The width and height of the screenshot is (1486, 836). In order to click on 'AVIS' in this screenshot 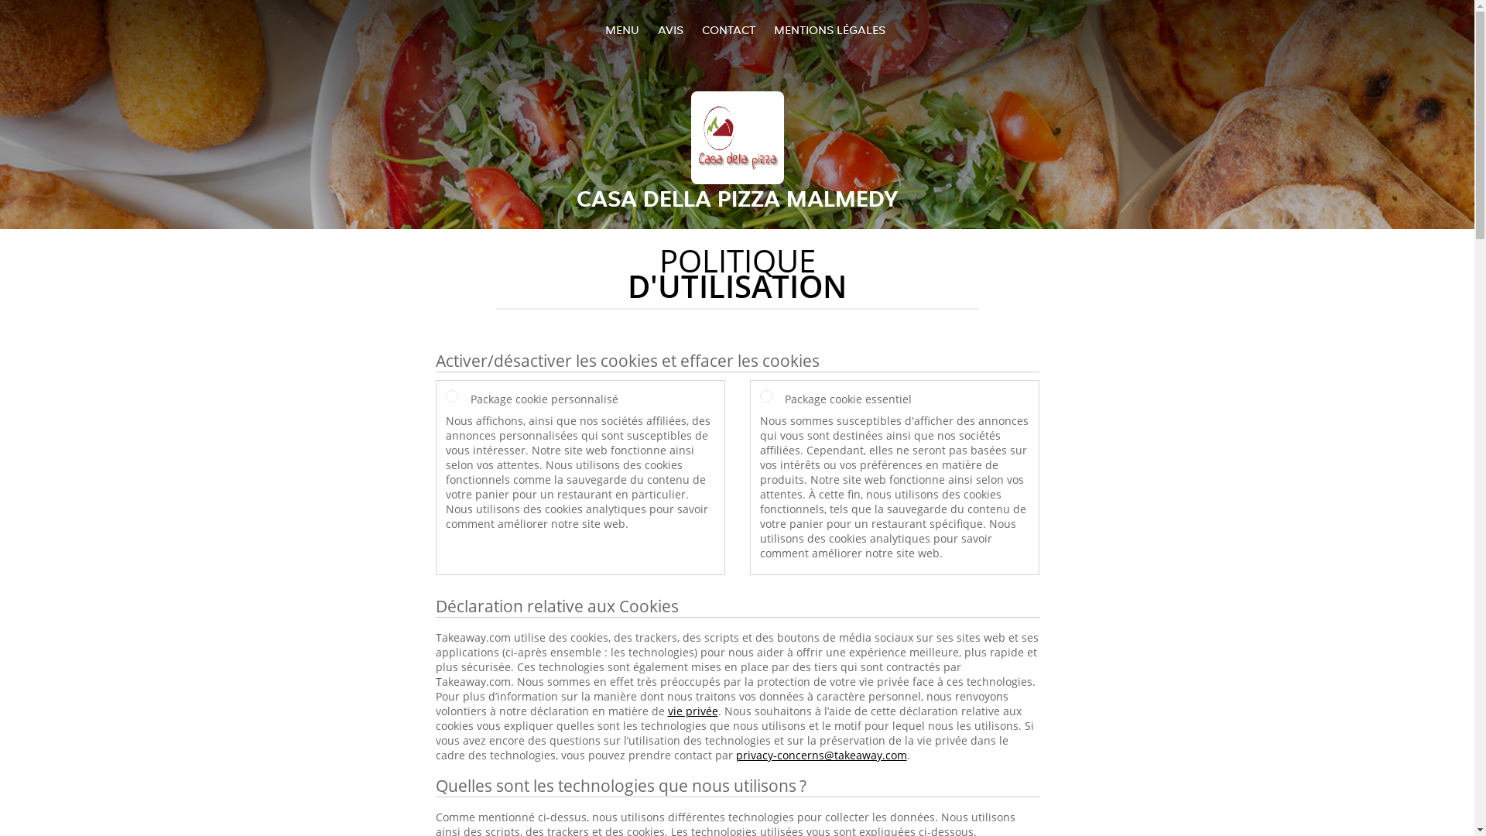, I will do `click(670, 29)`.